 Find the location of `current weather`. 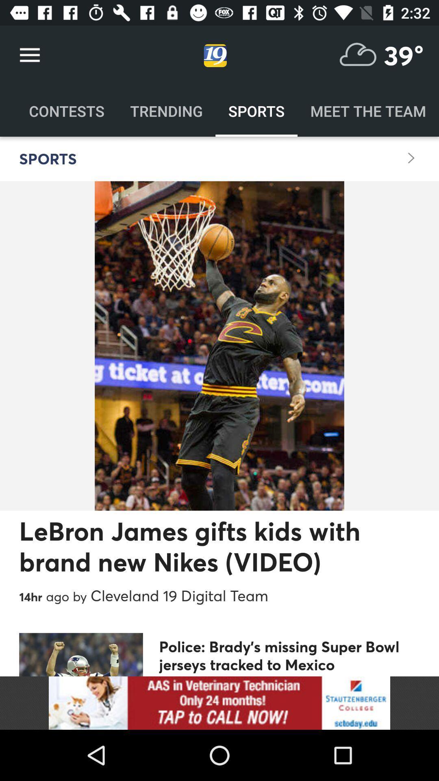

current weather is located at coordinates (358, 55).